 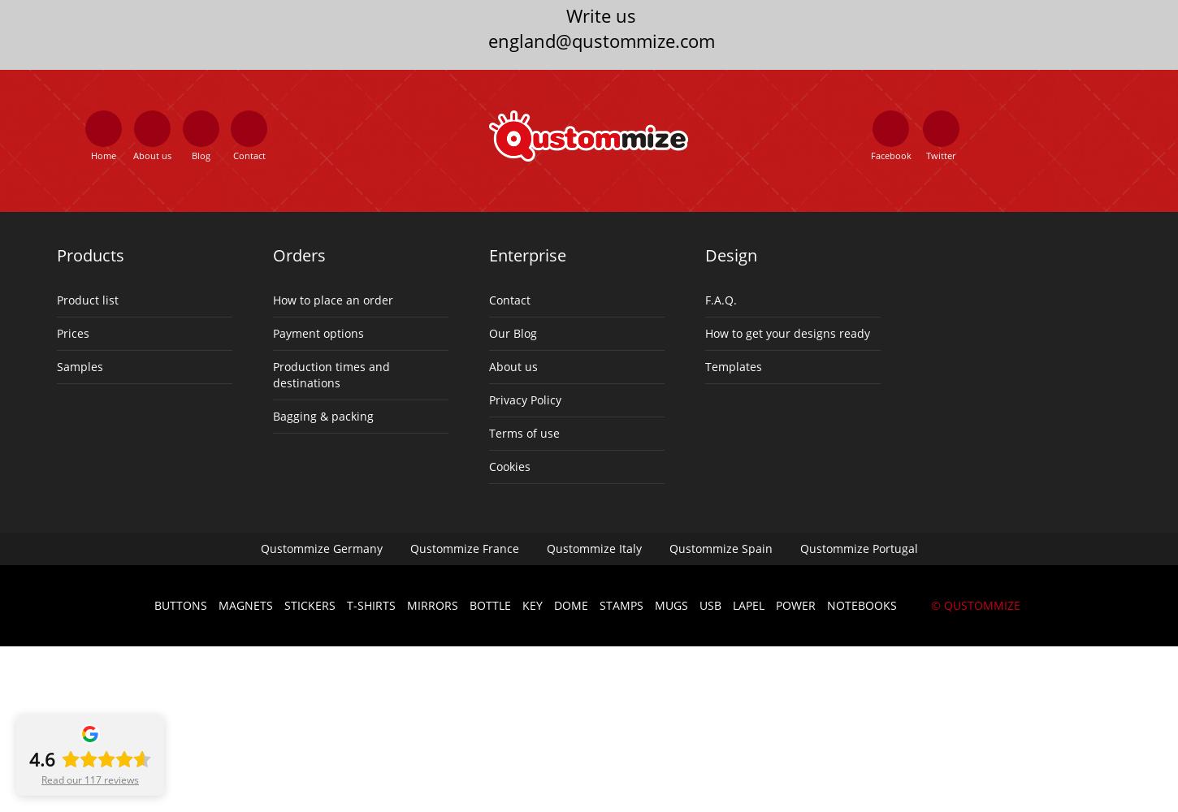 What do you see at coordinates (260, 547) in the screenshot?
I see `'Qustommize Germany'` at bounding box center [260, 547].